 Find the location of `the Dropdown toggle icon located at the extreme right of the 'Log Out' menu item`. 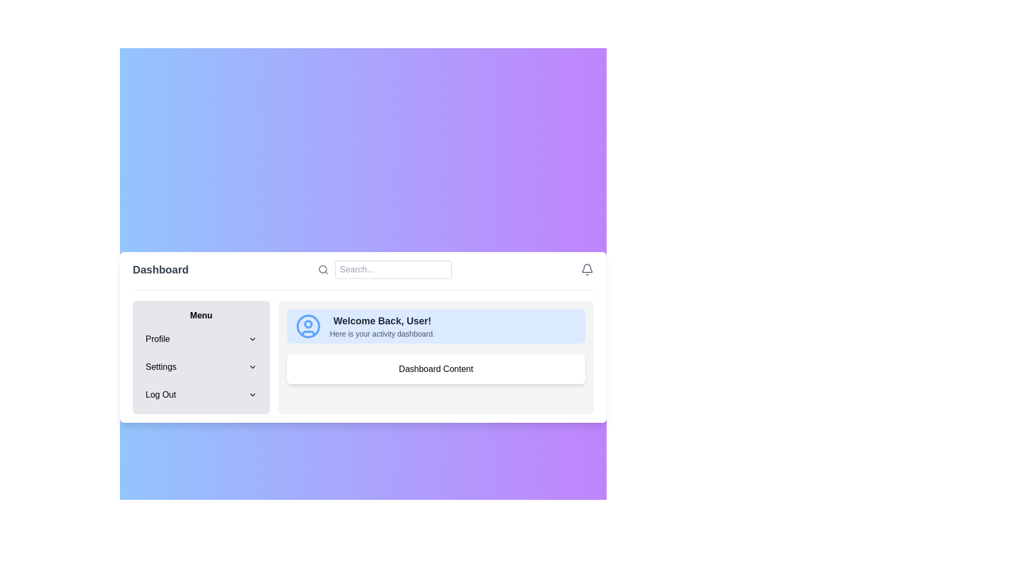

the Dropdown toggle icon located at the extreme right of the 'Log Out' menu item is located at coordinates (252, 394).